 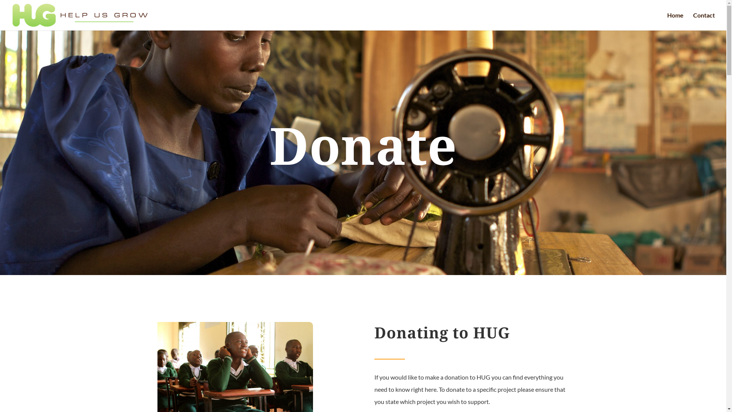 What do you see at coordinates (703, 21) in the screenshot?
I see `'Contact'` at bounding box center [703, 21].